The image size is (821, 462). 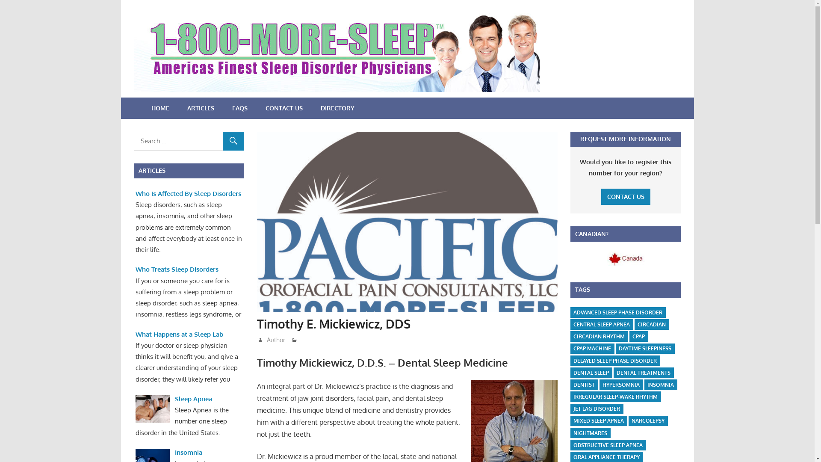 I want to click on 'DENTAL SLEEP', so click(x=591, y=372).